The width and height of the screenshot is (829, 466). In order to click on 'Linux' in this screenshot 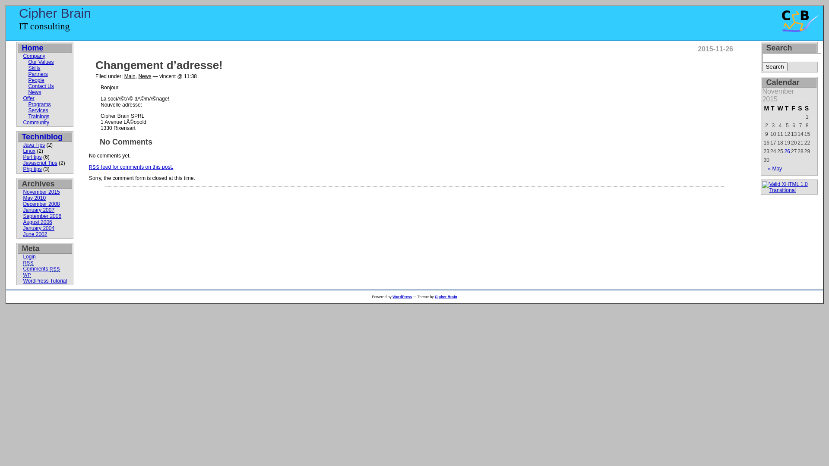, I will do `click(29, 151)`.